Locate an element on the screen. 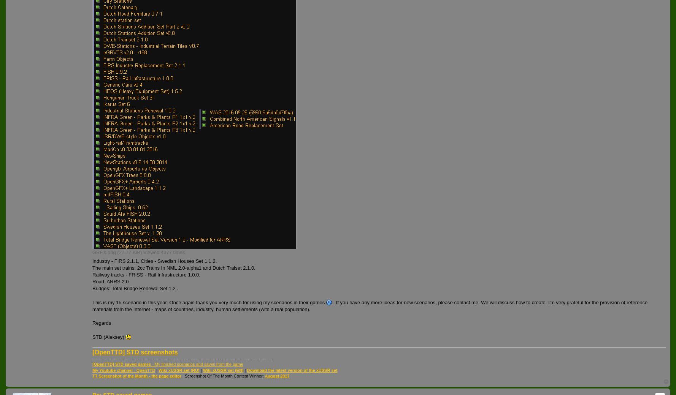 The width and height of the screenshot is (676, 395). 'Bridges: Total Bridge Renewal Set 1.2 .' is located at coordinates (135, 288).